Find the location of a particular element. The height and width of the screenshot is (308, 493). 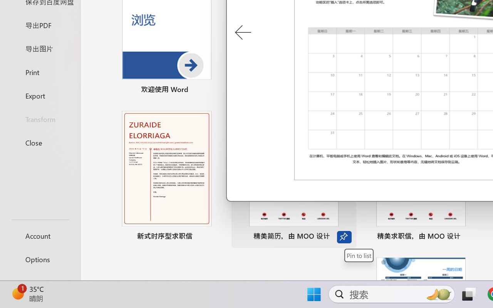

'Account' is located at coordinates (40, 236).